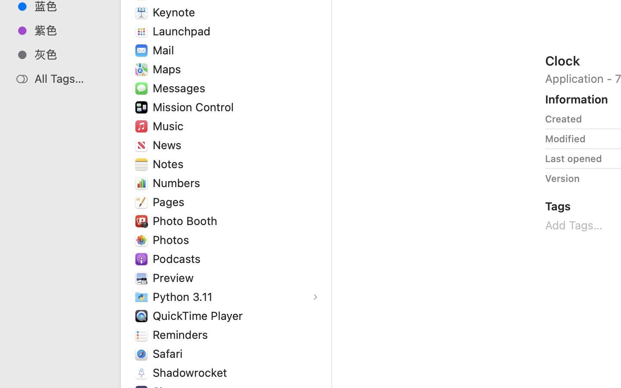  What do you see at coordinates (168, 69) in the screenshot?
I see `'Maps'` at bounding box center [168, 69].